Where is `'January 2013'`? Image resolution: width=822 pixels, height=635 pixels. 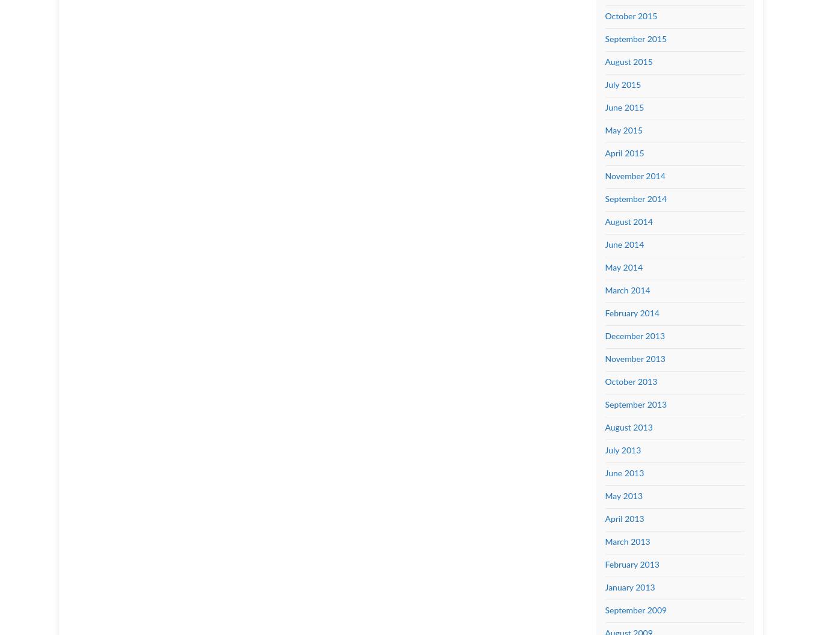 'January 2013' is located at coordinates (604, 587).